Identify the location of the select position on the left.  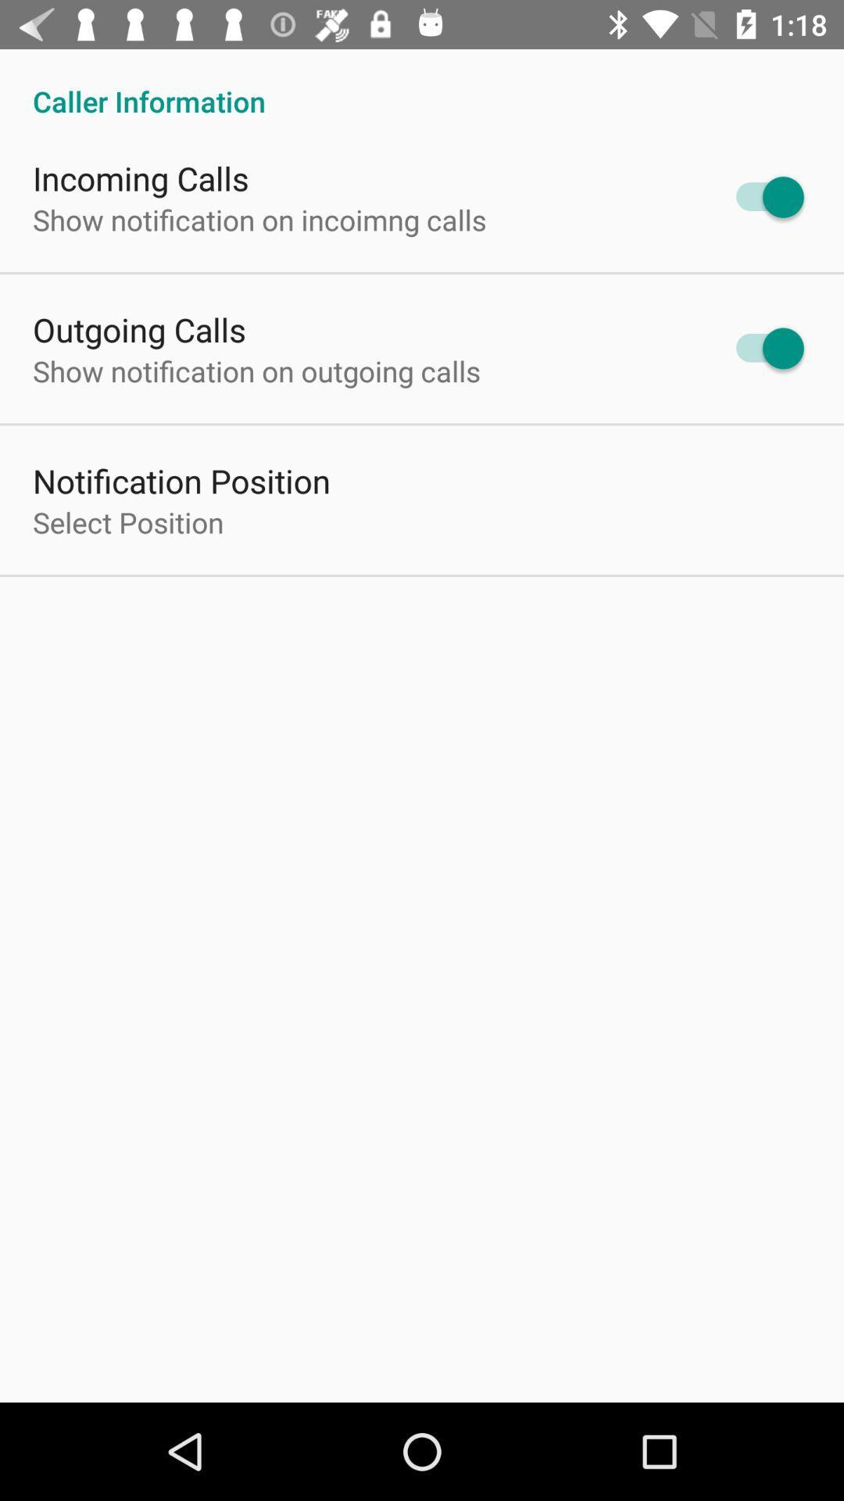
(127, 522).